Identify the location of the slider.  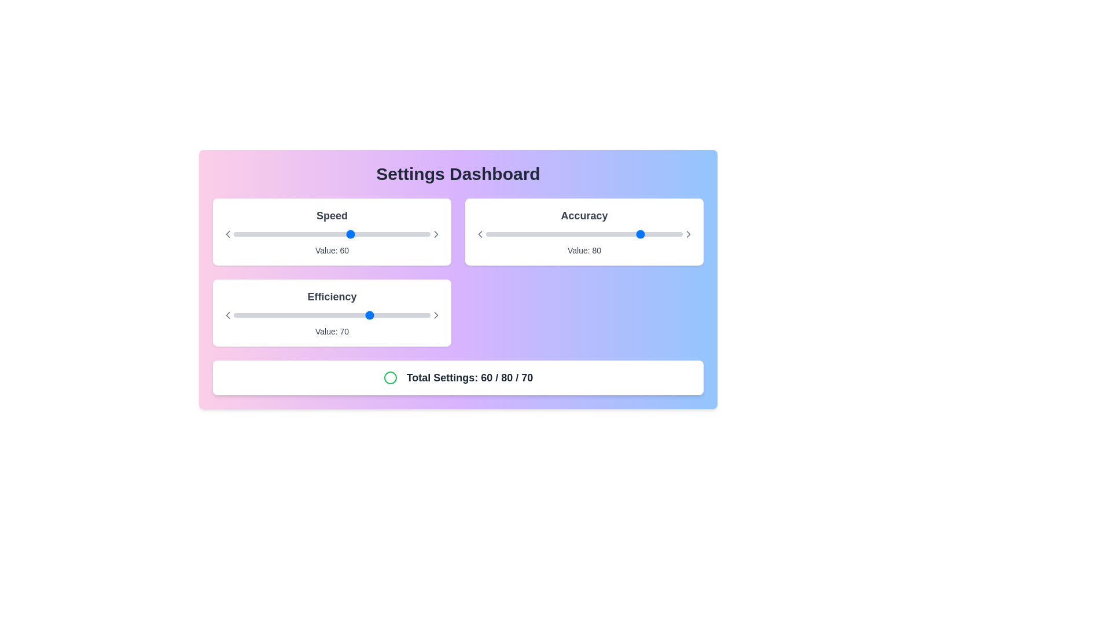
(424, 234).